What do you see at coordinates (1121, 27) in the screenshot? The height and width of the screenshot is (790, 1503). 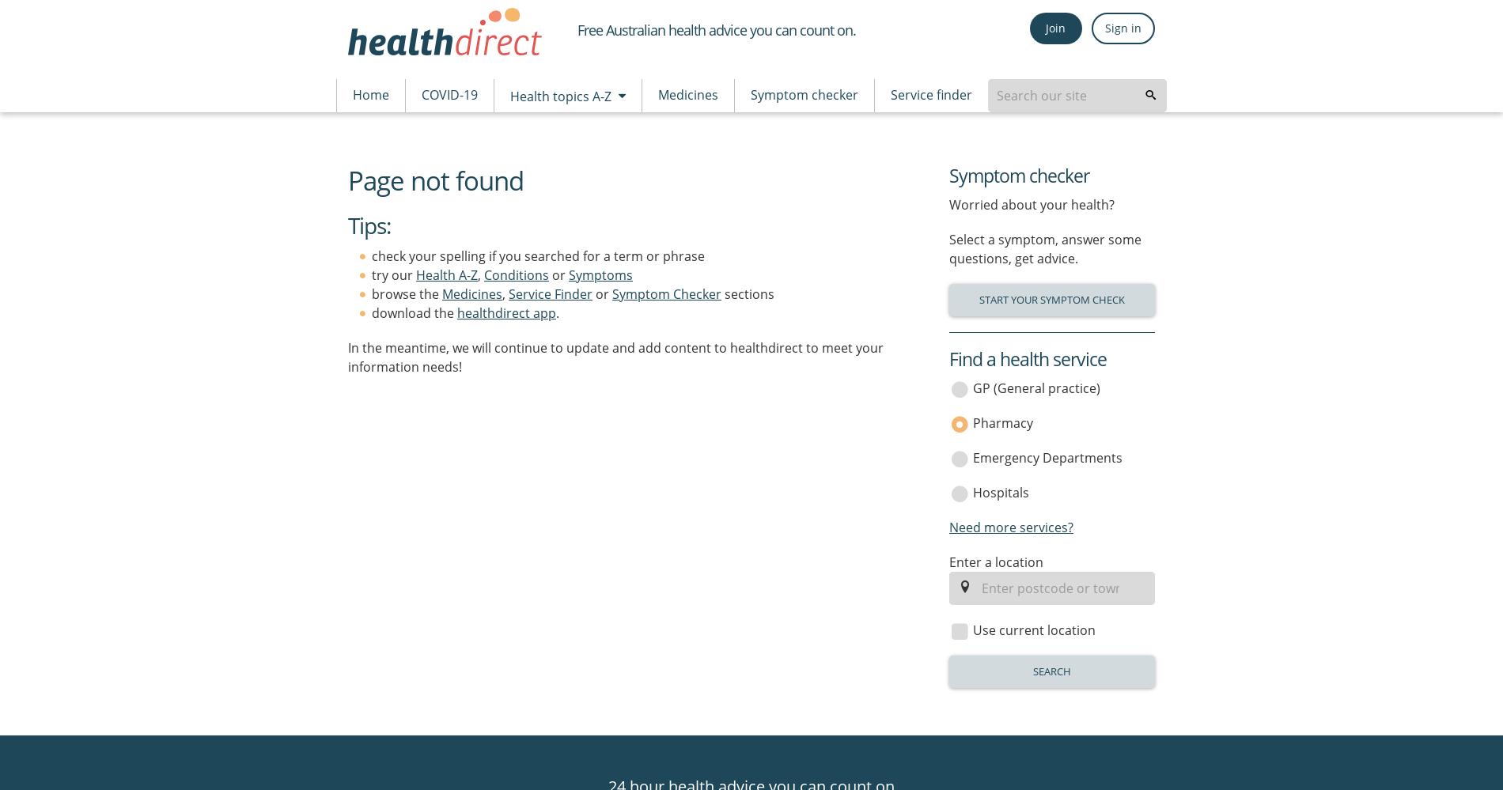 I see `'Sign in'` at bounding box center [1121, 27].